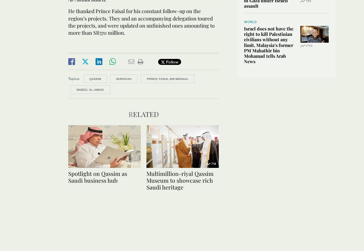 The image size is (364, 251). I want to click on 'Multimillion-riyal Qassim Museum to showcase rich Saudi heritage', so click(179, 180).